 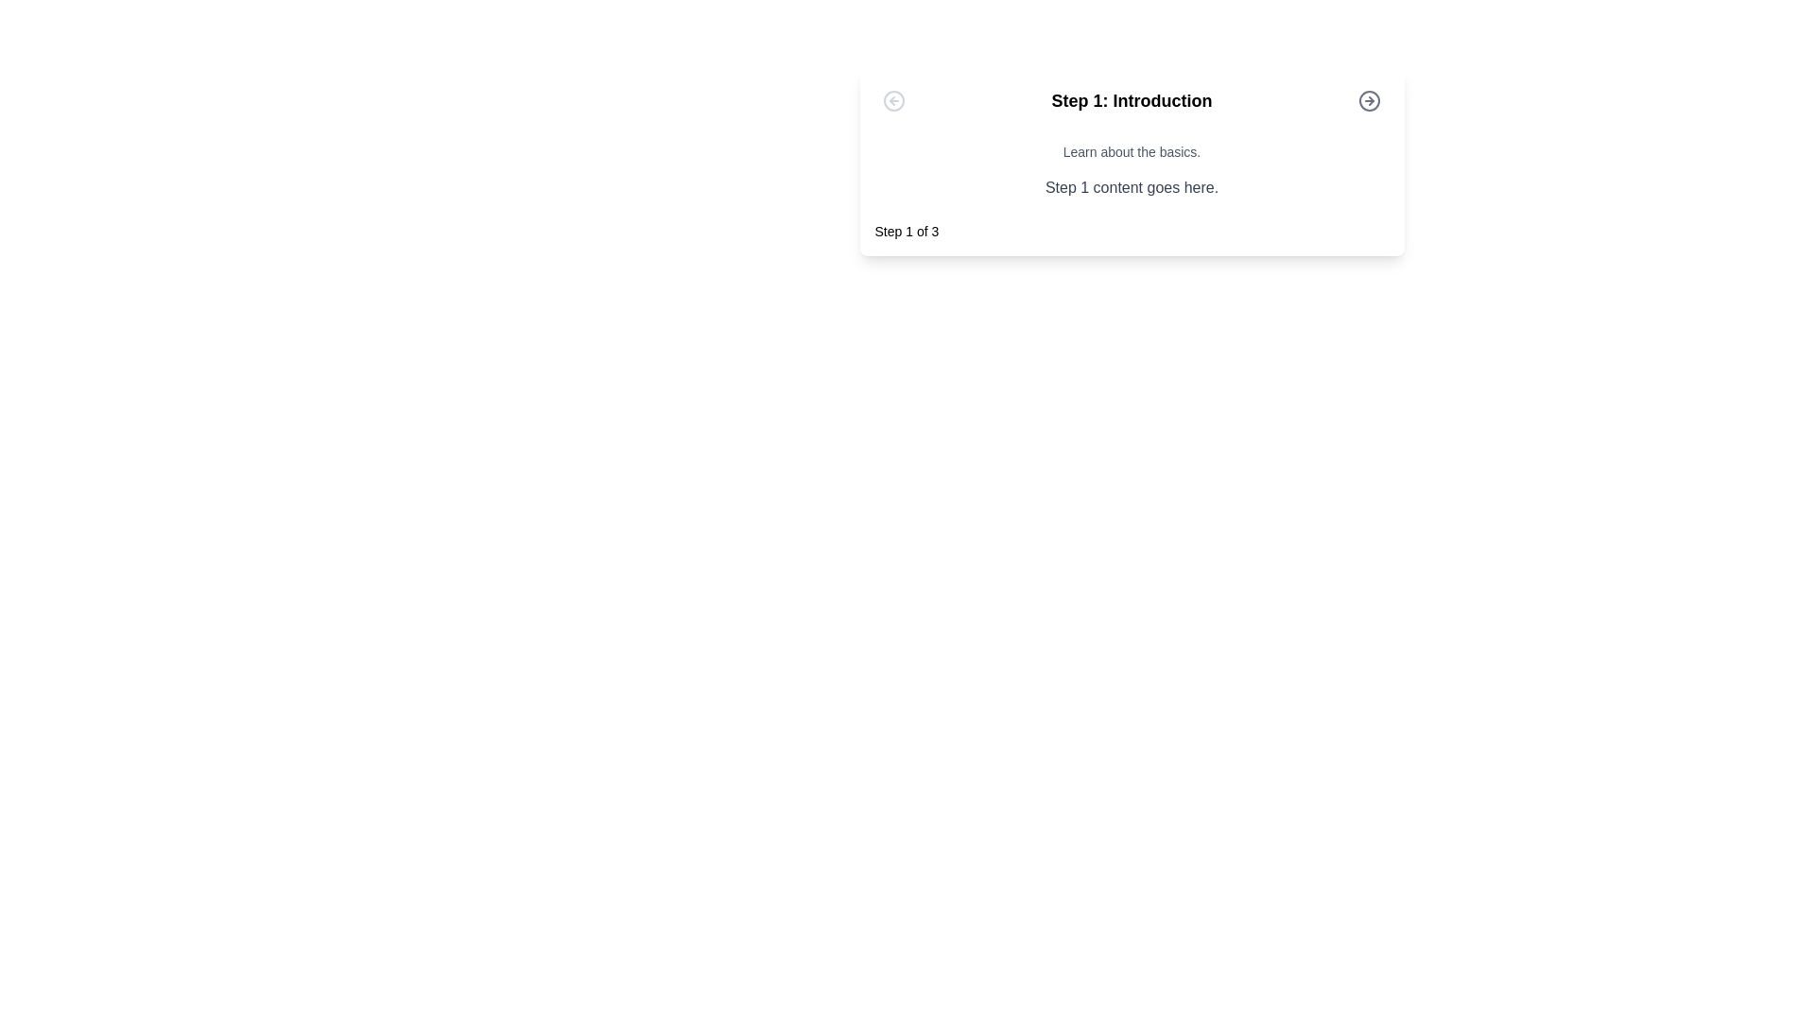 I want to click on the navigation button at the top-right corner of the 'Step 1: Introduction' card to change its color, so click(x=1370, y=101).